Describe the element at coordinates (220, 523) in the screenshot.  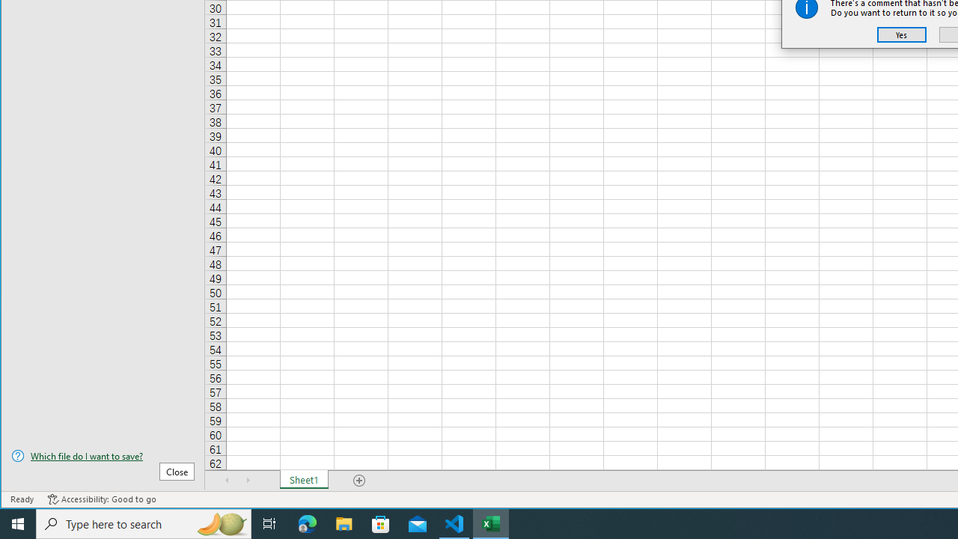
I see `'Search highlights icon opens search home window'` at that location.